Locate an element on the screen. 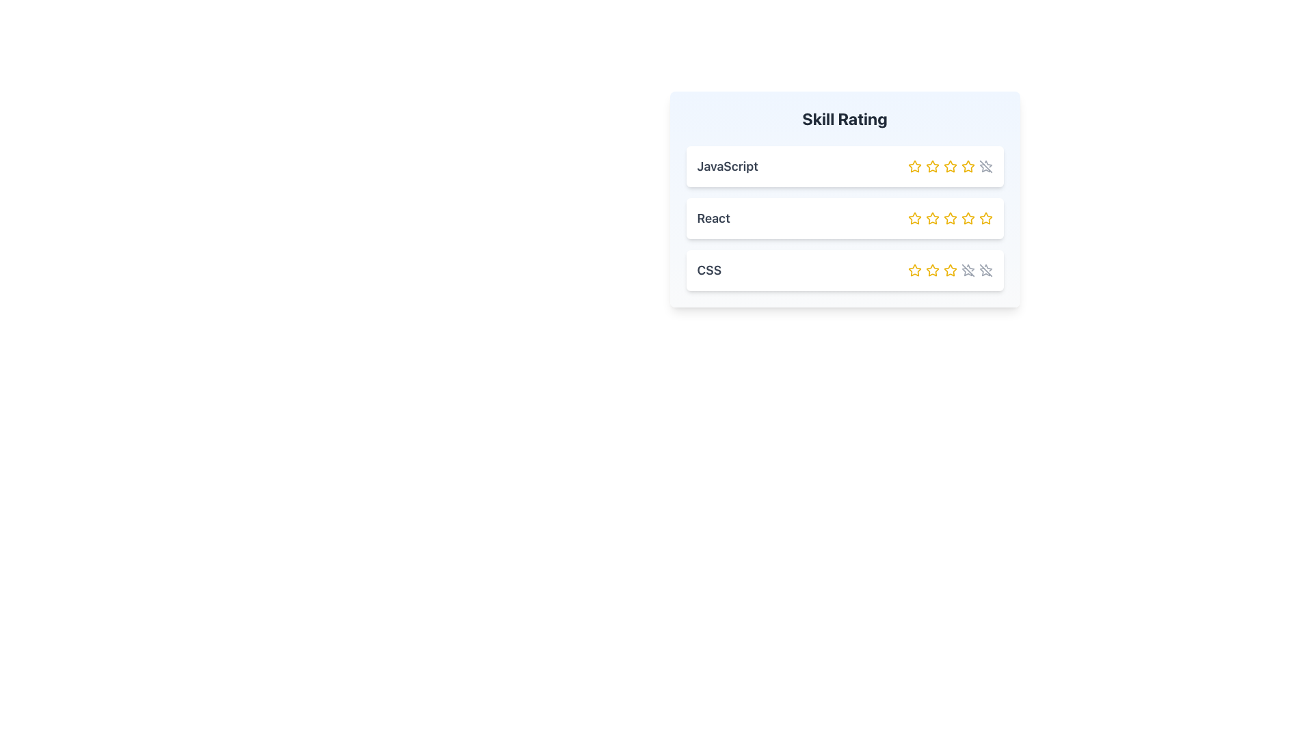 The height and width of the screenshot is (738, 1313). the first star icon in the 'React' row of the 'Skill Rating' section is located at coordinates (914, 218).